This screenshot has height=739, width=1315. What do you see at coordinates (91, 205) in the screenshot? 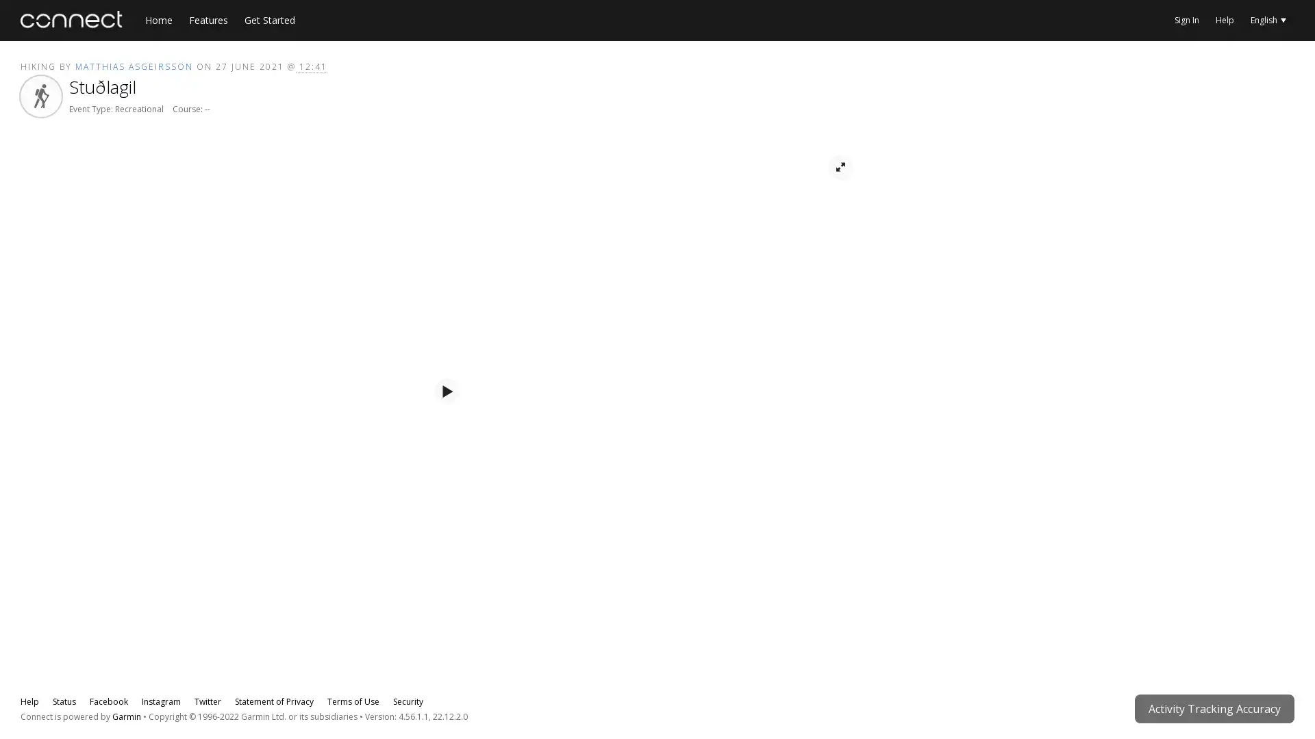
I see `Layers` at bounding box center [91, 205].